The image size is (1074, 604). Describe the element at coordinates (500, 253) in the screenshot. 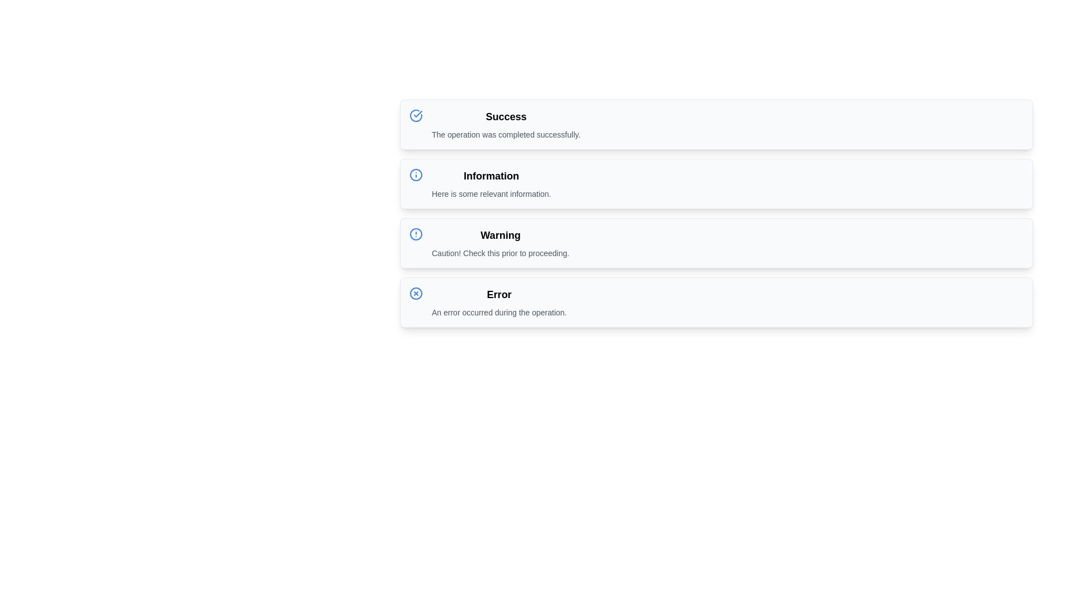

I see `cautionary text located directly below the 'Warning' header in the third section of the list, which provides additional information about a cautionary situation` at that location.